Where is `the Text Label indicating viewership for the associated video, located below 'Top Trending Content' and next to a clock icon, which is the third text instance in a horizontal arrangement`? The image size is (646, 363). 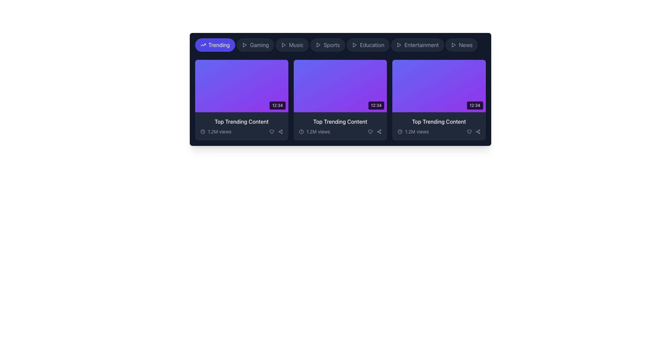 the Text Label indicating viewership for the associated video, located below 'Top Trending Content' and next to a clock icon, which is the third text instance in a horizontal arrangement is located at coordinates (417, 132).